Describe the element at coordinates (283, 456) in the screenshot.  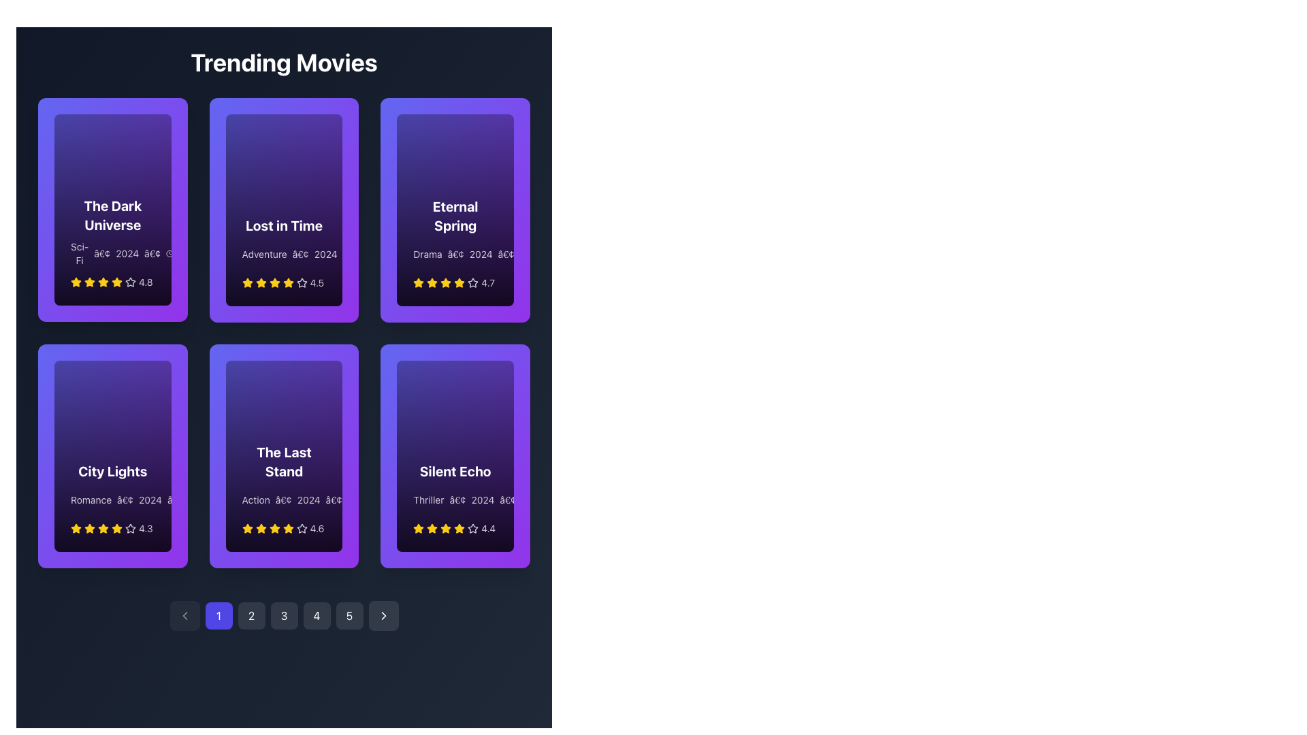
I see `the movie card located in the middle column of the second row` at that location.